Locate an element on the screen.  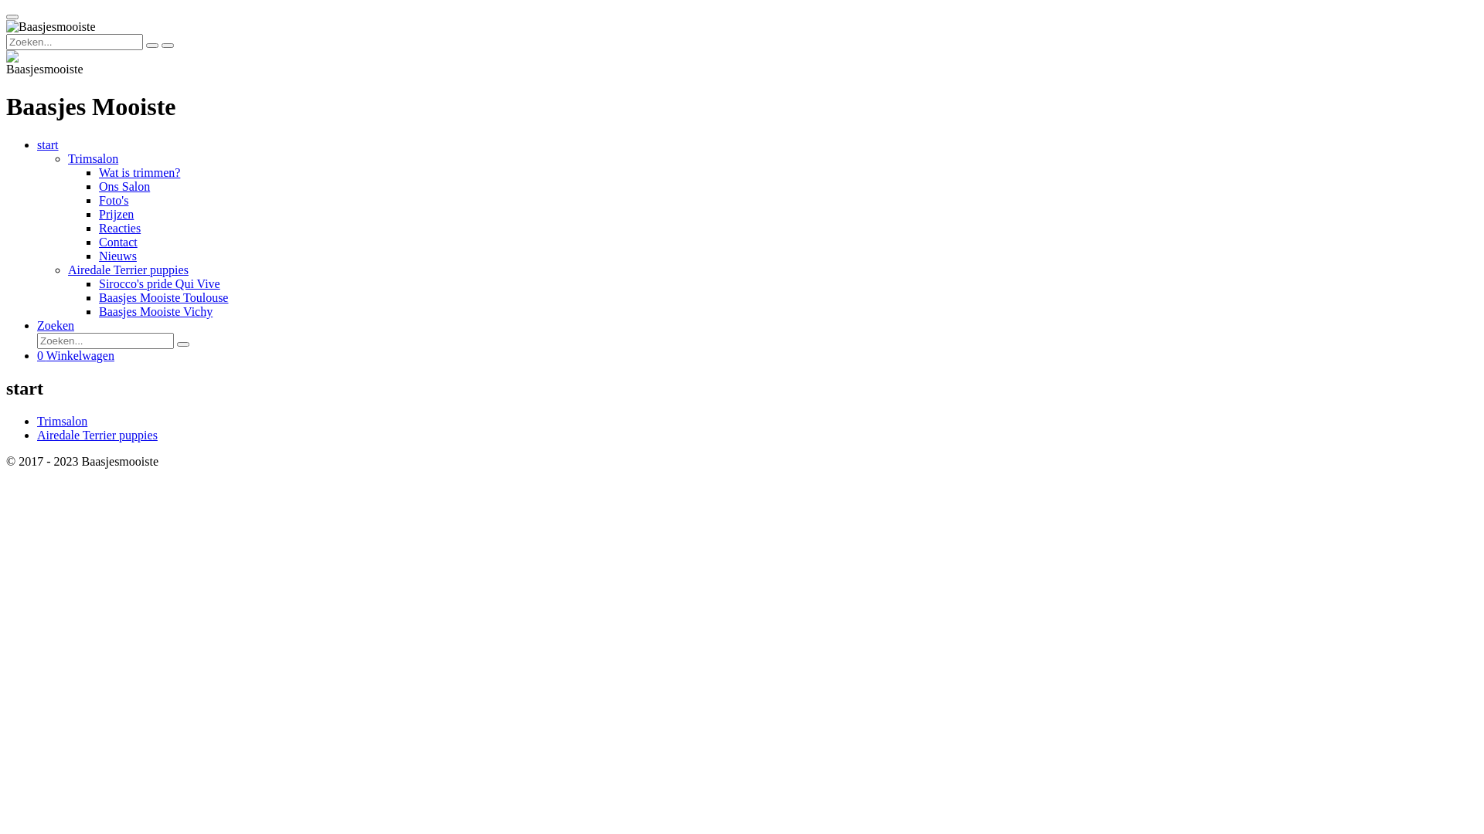
'Sirocco's pride Qui Vive' is located at coordinates (159, 283).